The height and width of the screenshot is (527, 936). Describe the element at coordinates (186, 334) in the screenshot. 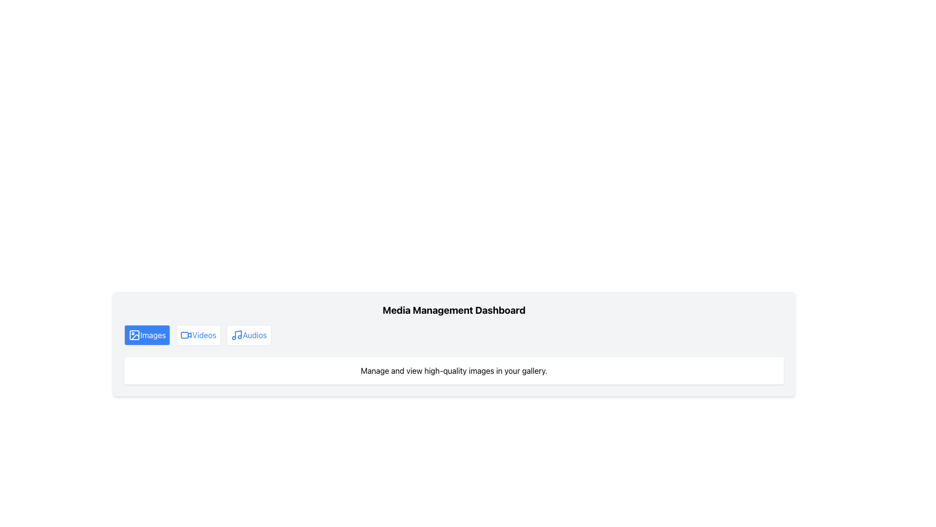

I see `the Decorative Icon representing the 'Videos' section, located inside the button labeled 'Videos' at the specified coordinates` at that location.